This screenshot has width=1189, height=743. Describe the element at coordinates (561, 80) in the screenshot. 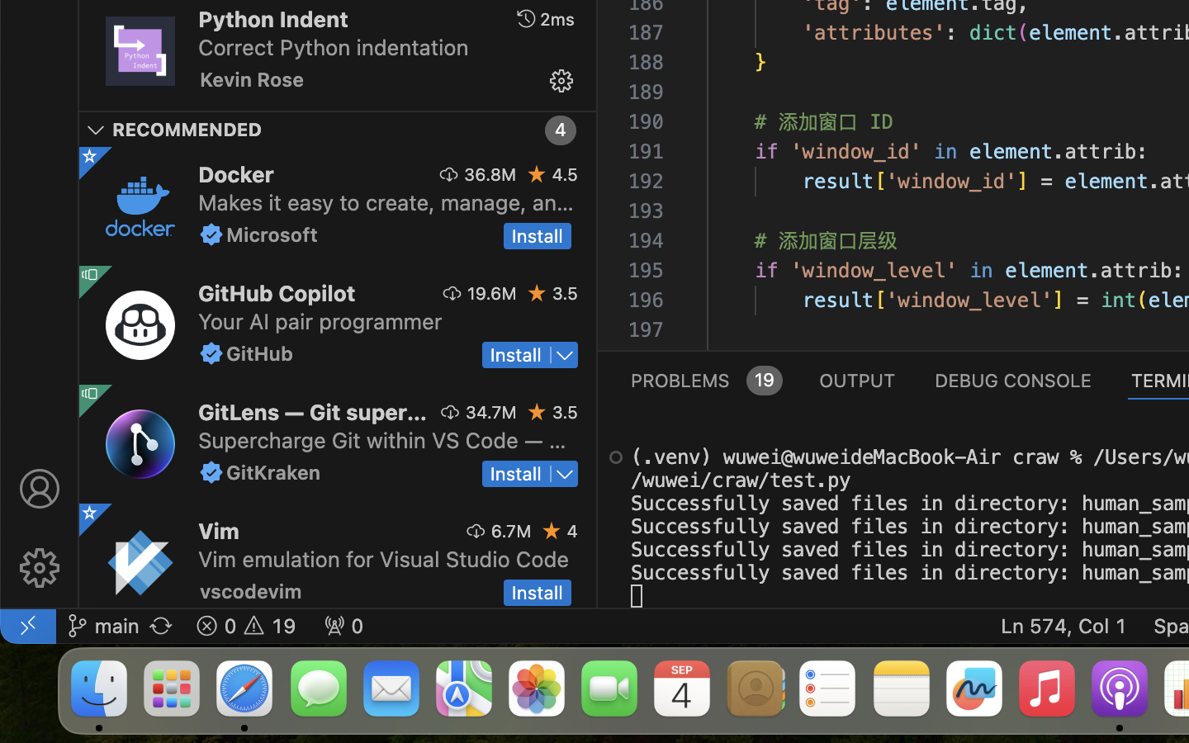

I see `''` at that location.